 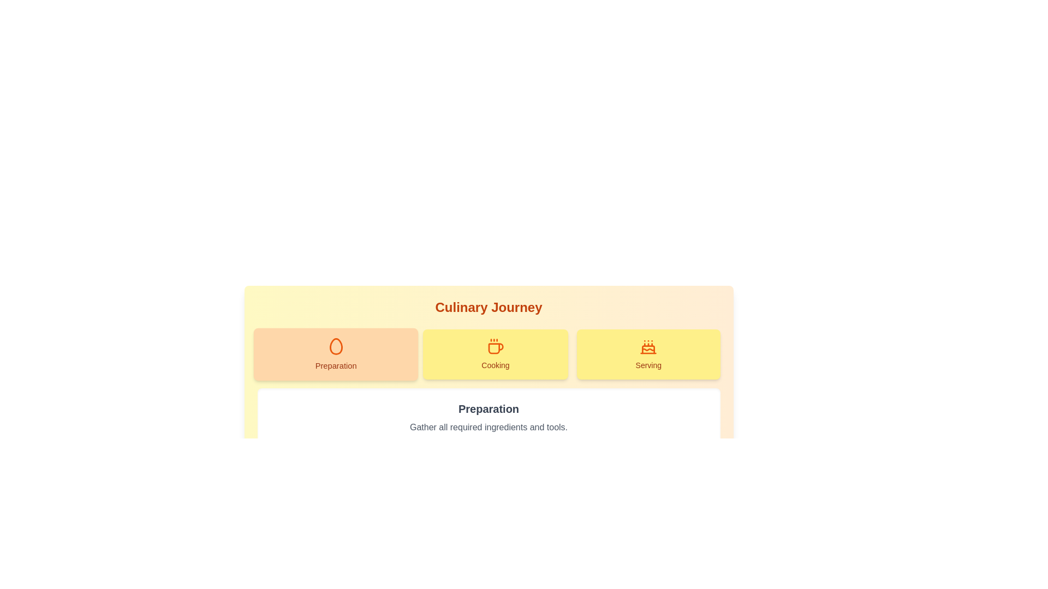 I want to click on the navigation button located at the bottom right of the layout, so click(x=693, y=471).